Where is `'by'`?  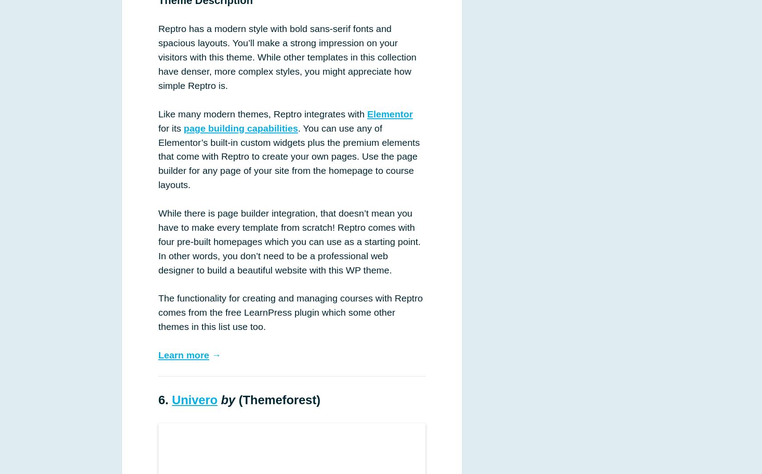
'by' is located at coordinates (220, 399).